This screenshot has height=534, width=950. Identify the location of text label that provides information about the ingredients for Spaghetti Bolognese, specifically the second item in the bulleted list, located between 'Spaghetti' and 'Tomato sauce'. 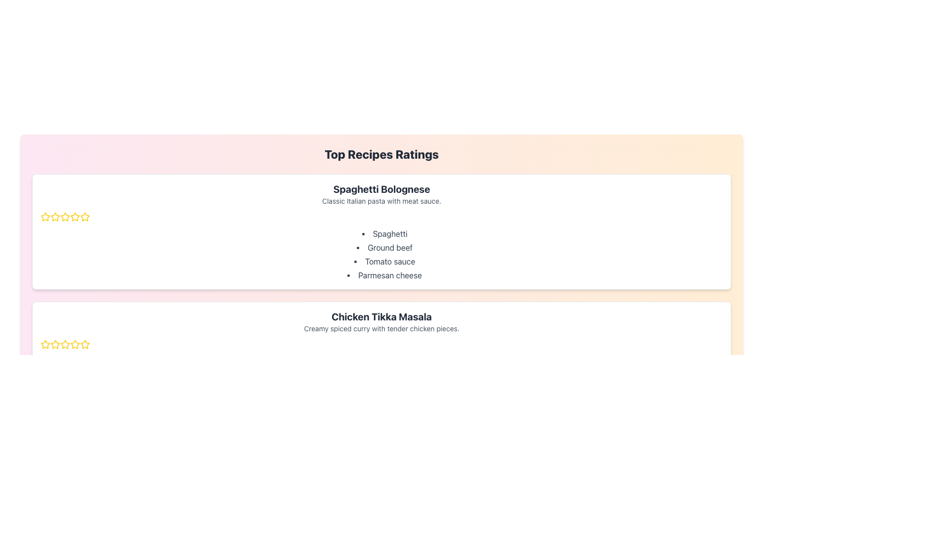
(384, 247).